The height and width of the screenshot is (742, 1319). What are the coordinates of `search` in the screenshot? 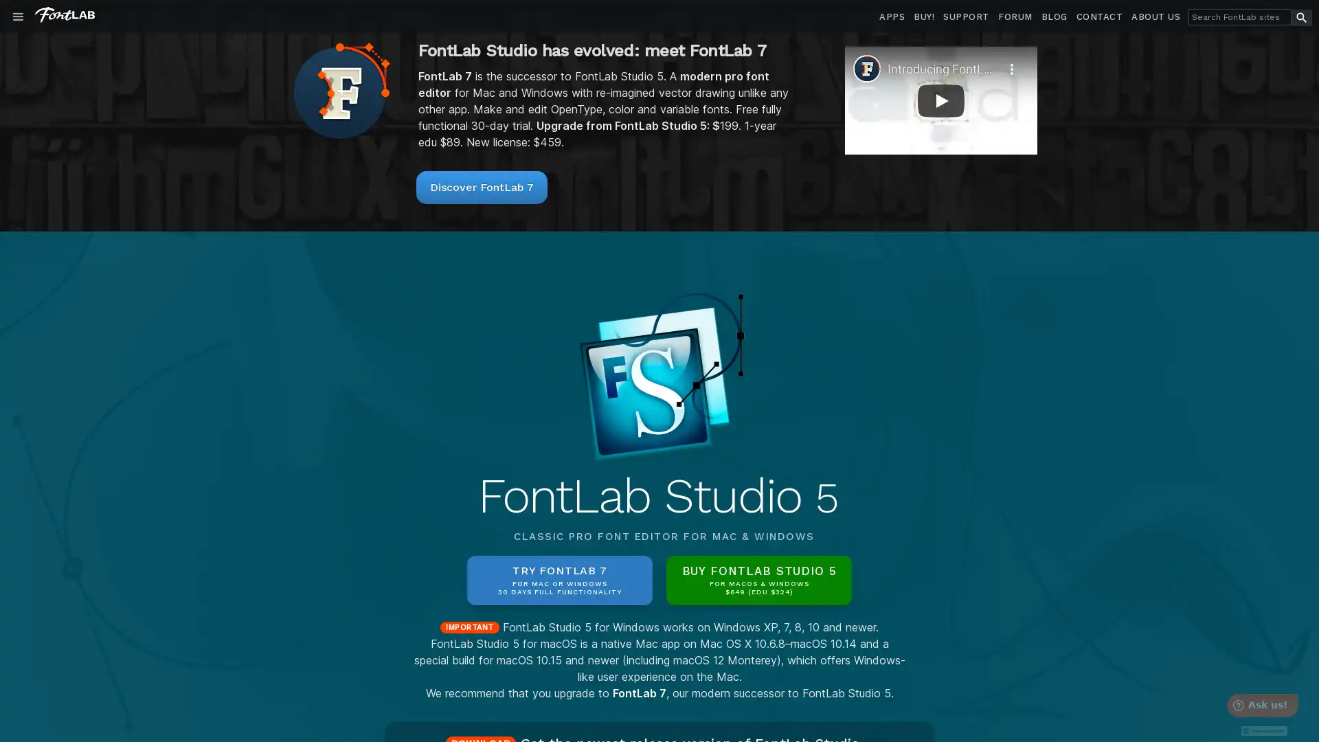 It's located at (1301, 18).